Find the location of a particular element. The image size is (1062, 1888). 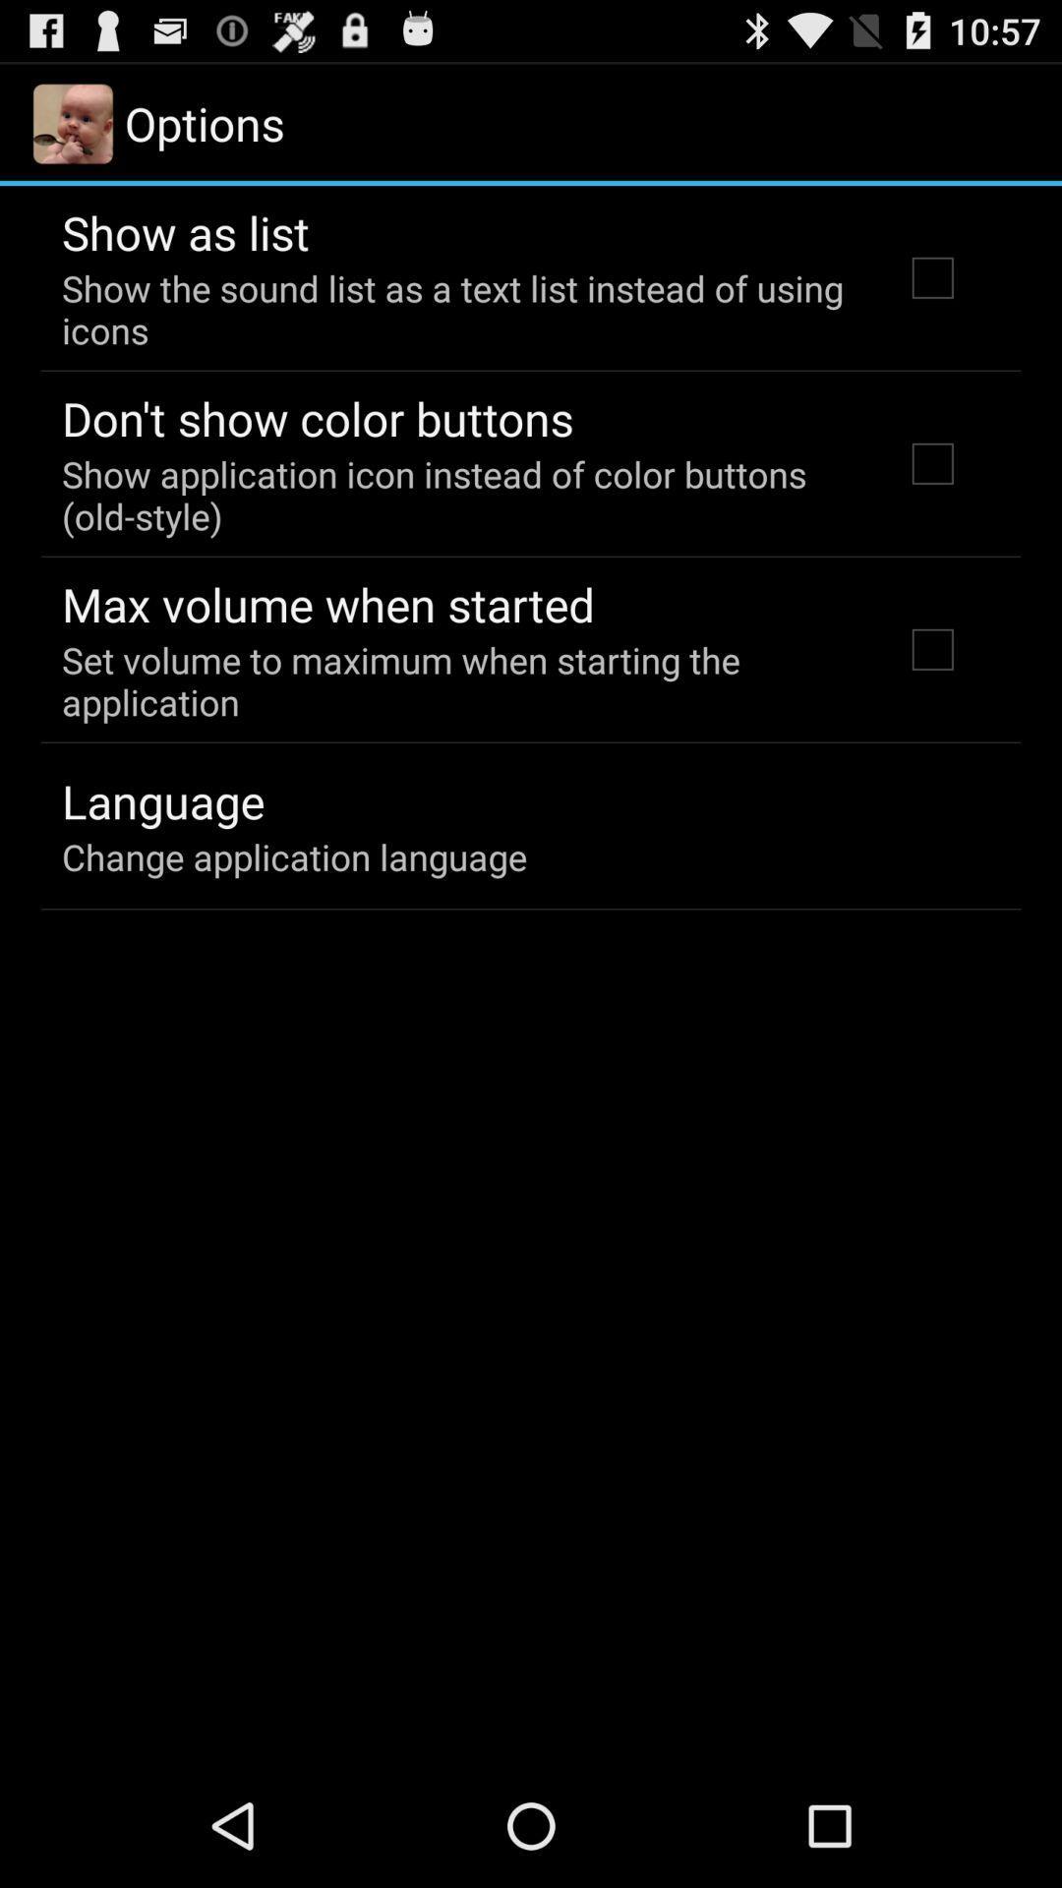

app at the center is located at coordinates (455, 680).